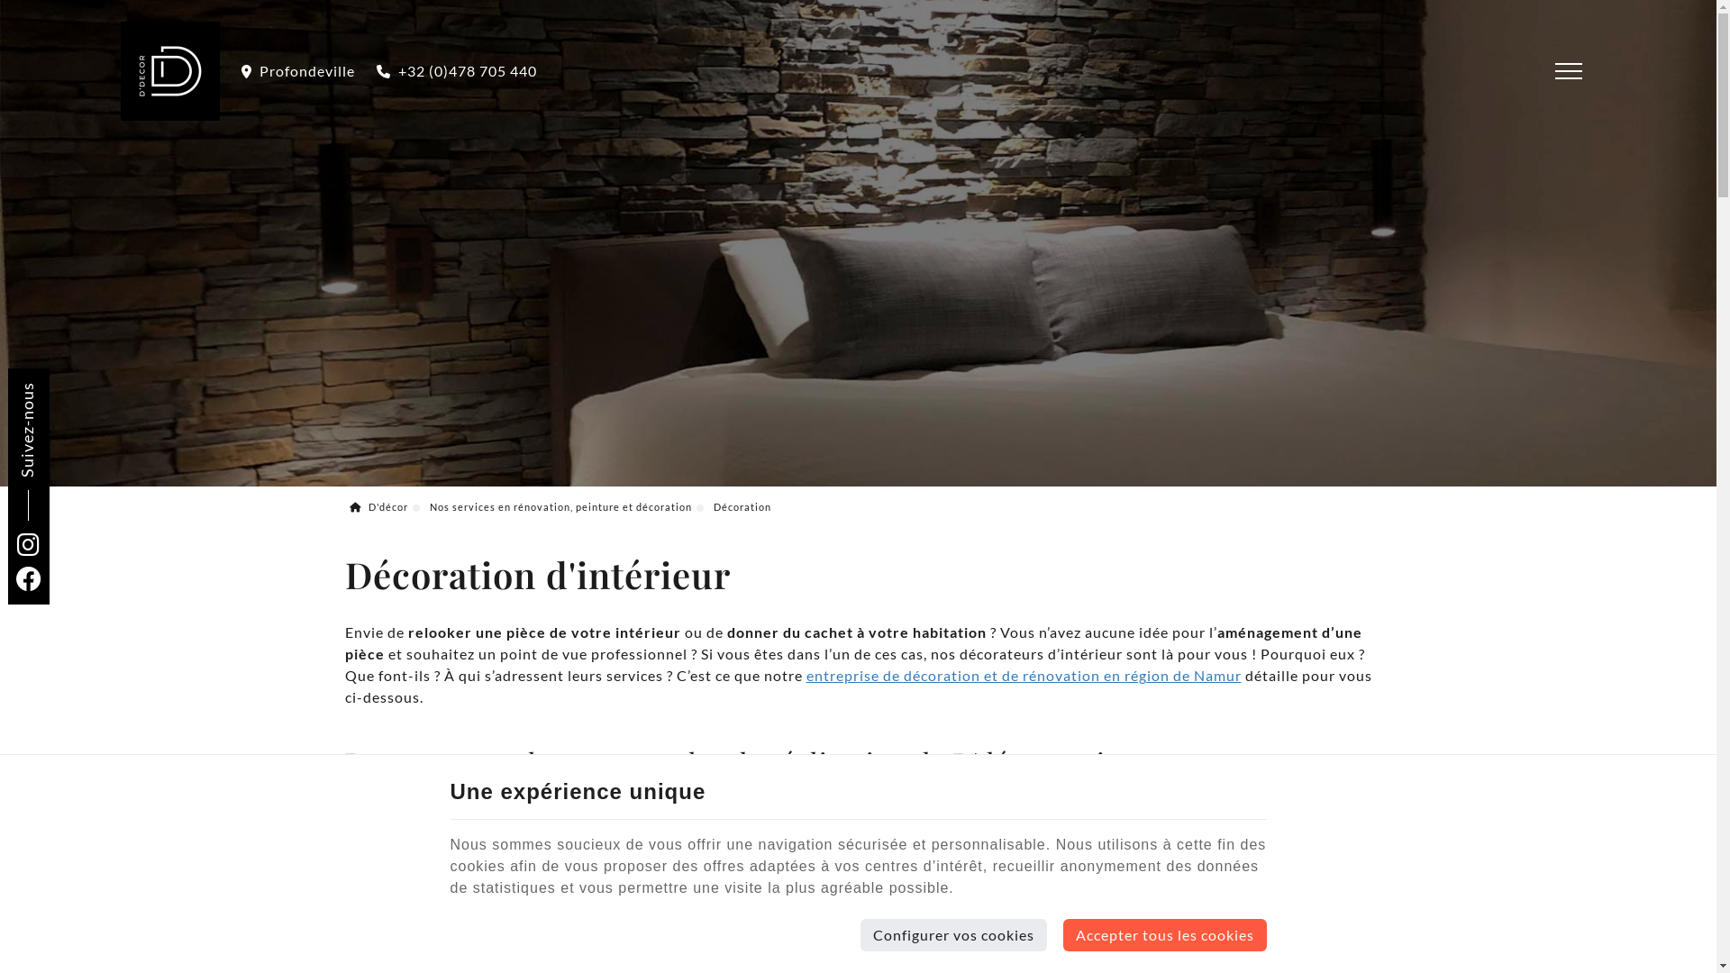 The image size is (1730, 973). What do you see at coordinates (952, 933) in the screenshot?
I see `'Configurer vos cookies'` at bounding box center [952, 933].